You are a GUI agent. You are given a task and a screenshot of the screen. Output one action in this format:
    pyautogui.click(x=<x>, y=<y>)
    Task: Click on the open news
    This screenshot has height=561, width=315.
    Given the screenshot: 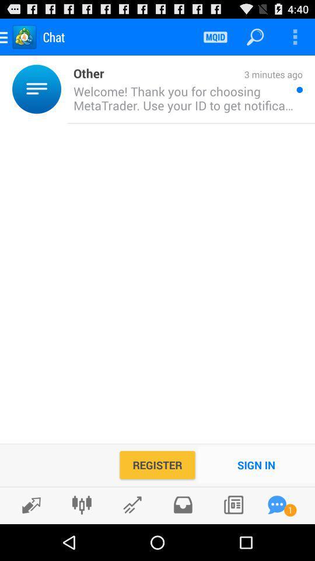 What is the action you would take?
    pyautogui.click(x=233, y=504)
    